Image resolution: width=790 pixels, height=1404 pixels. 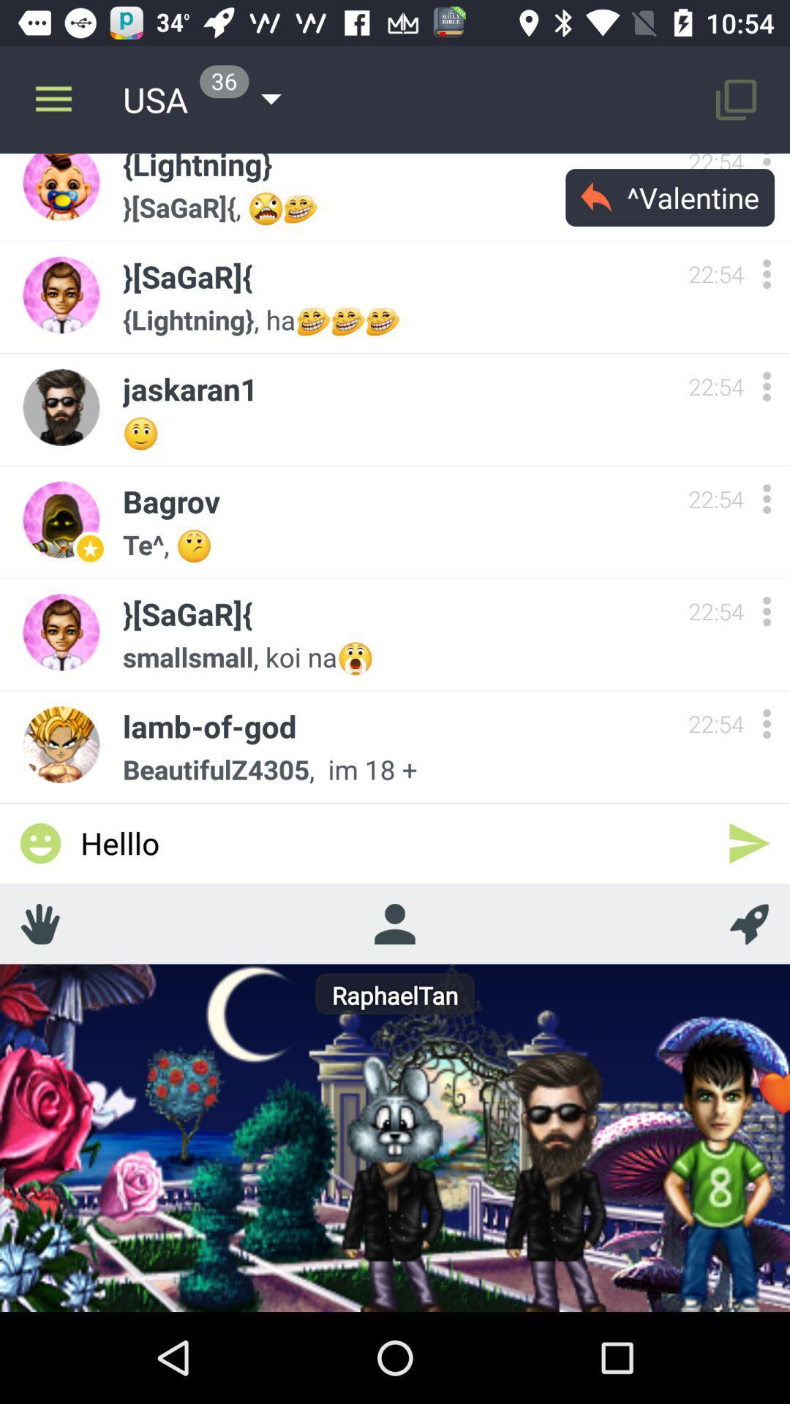 What do you see at coordinates (394, 923) in the screenshot?
I see `raphaeltan` at bounding box center [394, 923].